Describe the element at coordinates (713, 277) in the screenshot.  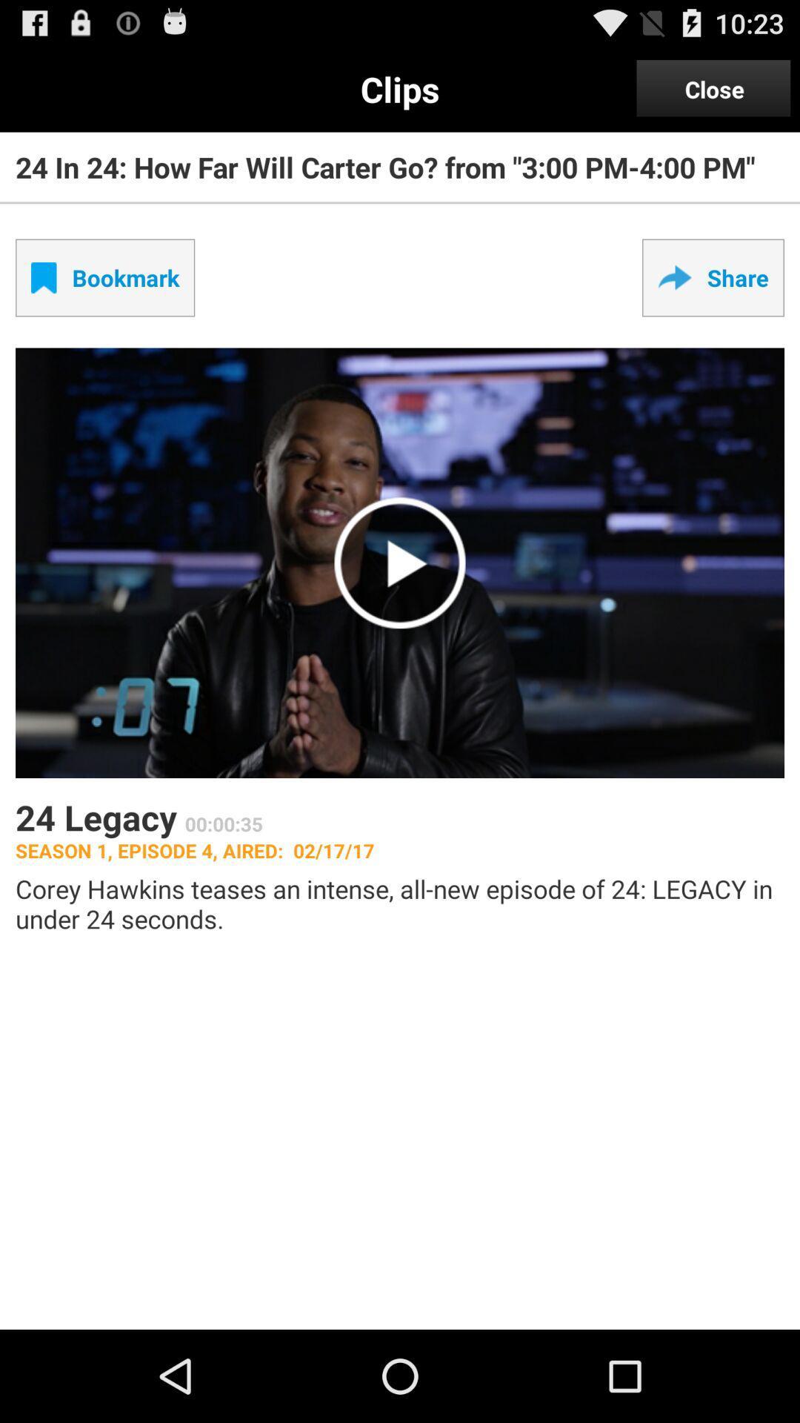
I see `checkbox next to the bookmark` at that location.